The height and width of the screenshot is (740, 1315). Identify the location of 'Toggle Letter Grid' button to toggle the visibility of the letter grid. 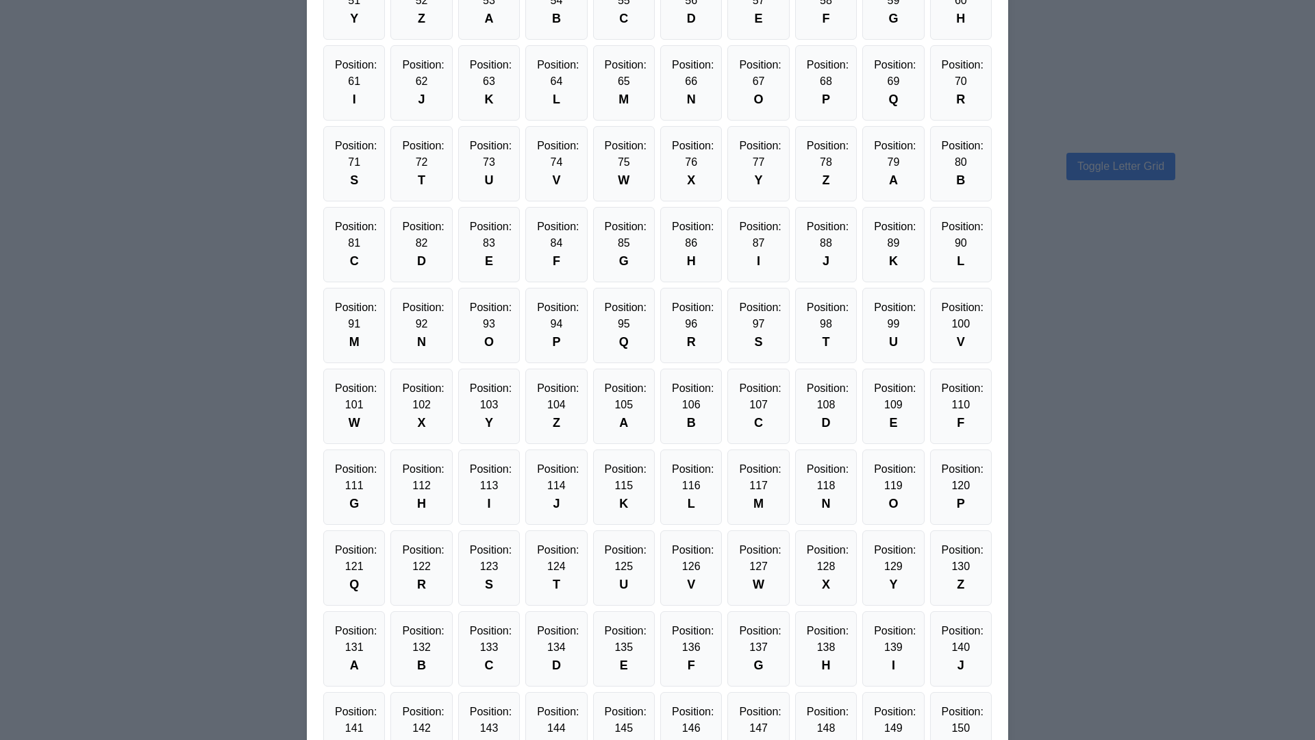
(1120, 166).